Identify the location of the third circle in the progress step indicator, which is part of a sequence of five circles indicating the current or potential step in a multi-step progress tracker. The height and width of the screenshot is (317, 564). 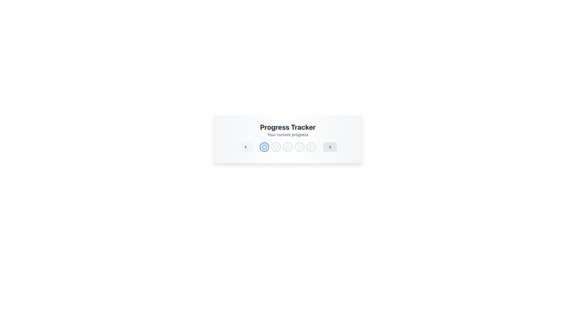
(276, 147).